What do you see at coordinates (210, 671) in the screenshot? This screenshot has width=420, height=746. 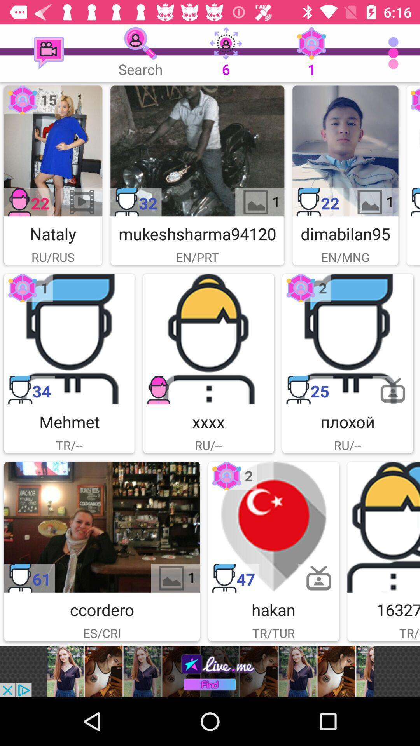 I see `open advertisement` at bounding box center [210, 671].